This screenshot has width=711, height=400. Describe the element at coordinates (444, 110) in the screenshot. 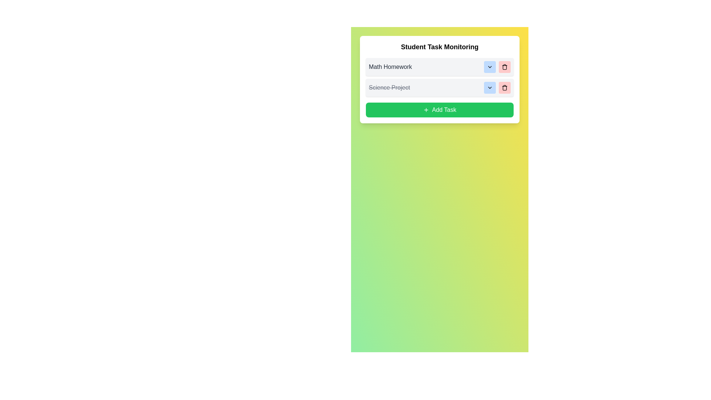

I see `text 'Add Task' displayed in white on a green button at the bottom of the 'Student Task Monitoring' panel` at that location.